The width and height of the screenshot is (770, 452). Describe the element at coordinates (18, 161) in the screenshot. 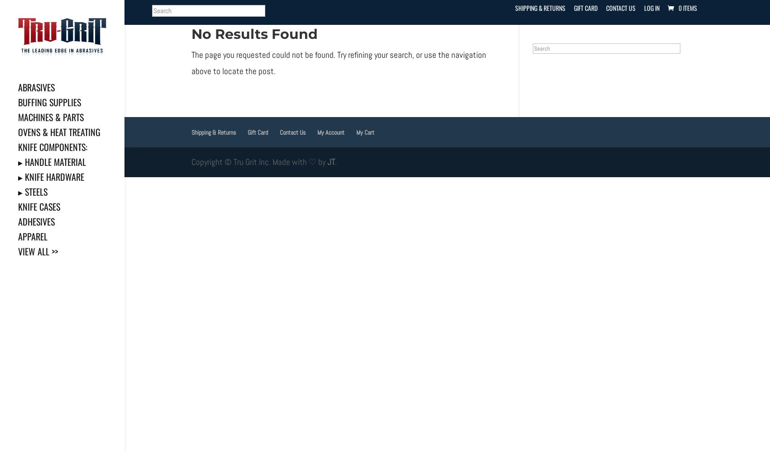

I see `'▸ Handle Material'` at that location.